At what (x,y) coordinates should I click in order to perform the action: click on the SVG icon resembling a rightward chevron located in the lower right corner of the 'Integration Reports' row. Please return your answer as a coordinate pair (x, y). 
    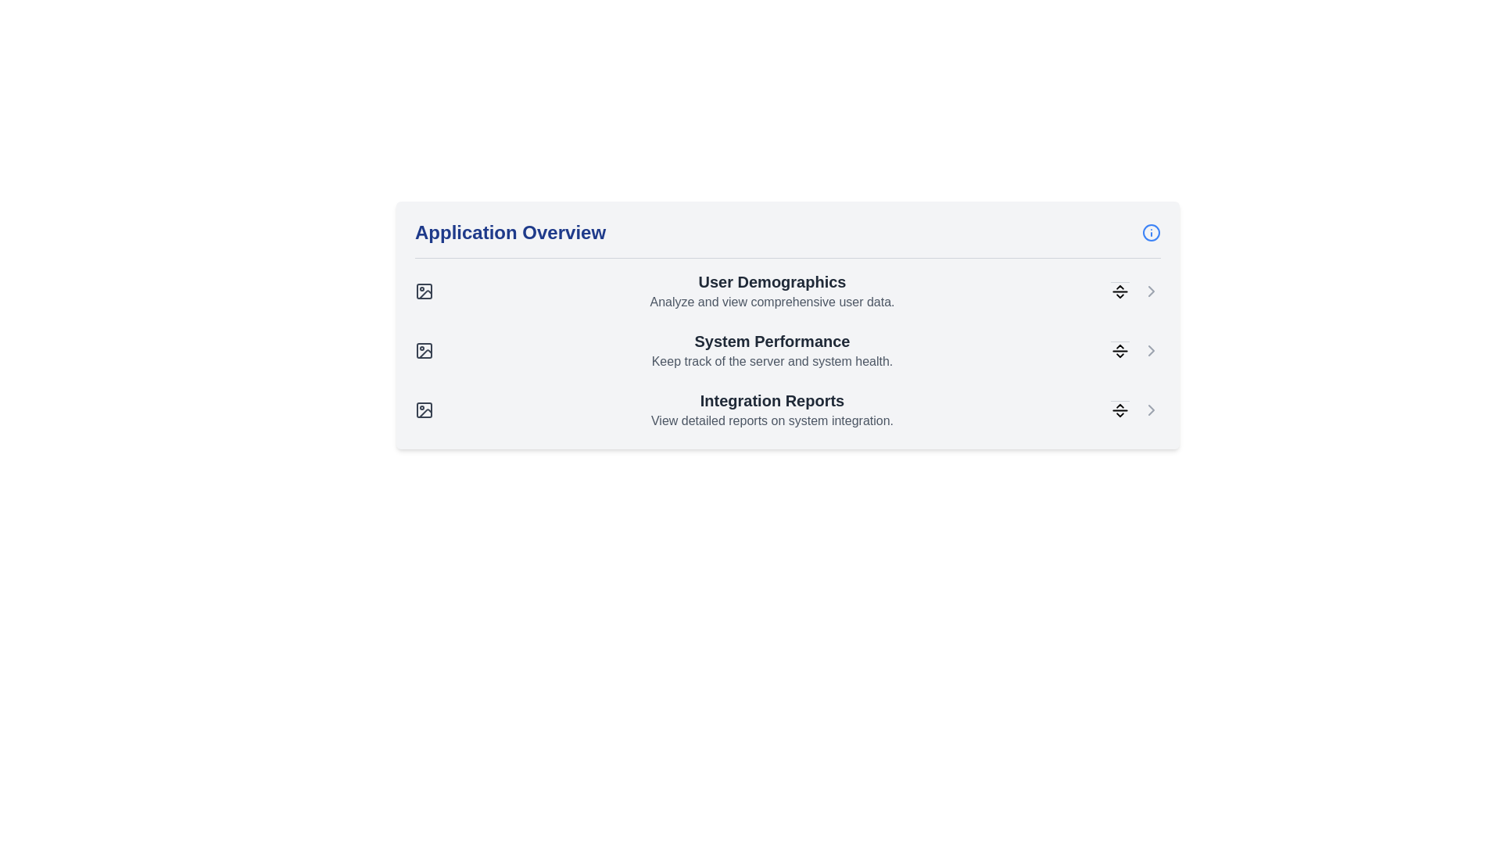
    Looking at the image, I should click on (1152, 409).